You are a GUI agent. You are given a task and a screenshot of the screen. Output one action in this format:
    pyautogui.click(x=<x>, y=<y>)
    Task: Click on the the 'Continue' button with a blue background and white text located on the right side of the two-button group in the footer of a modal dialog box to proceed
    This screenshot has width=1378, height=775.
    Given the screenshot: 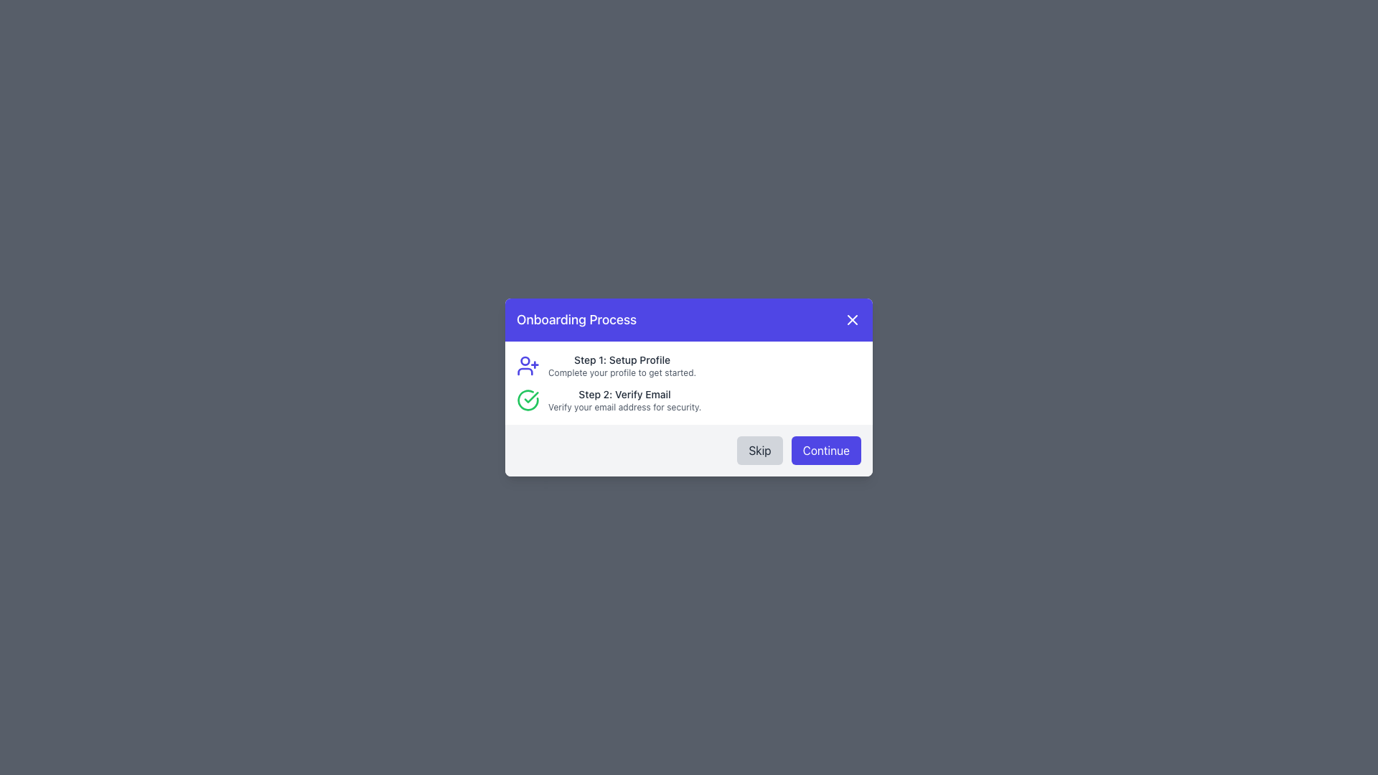 What is the action you would take?
    pyautogui.click(x=826, y=450)
    